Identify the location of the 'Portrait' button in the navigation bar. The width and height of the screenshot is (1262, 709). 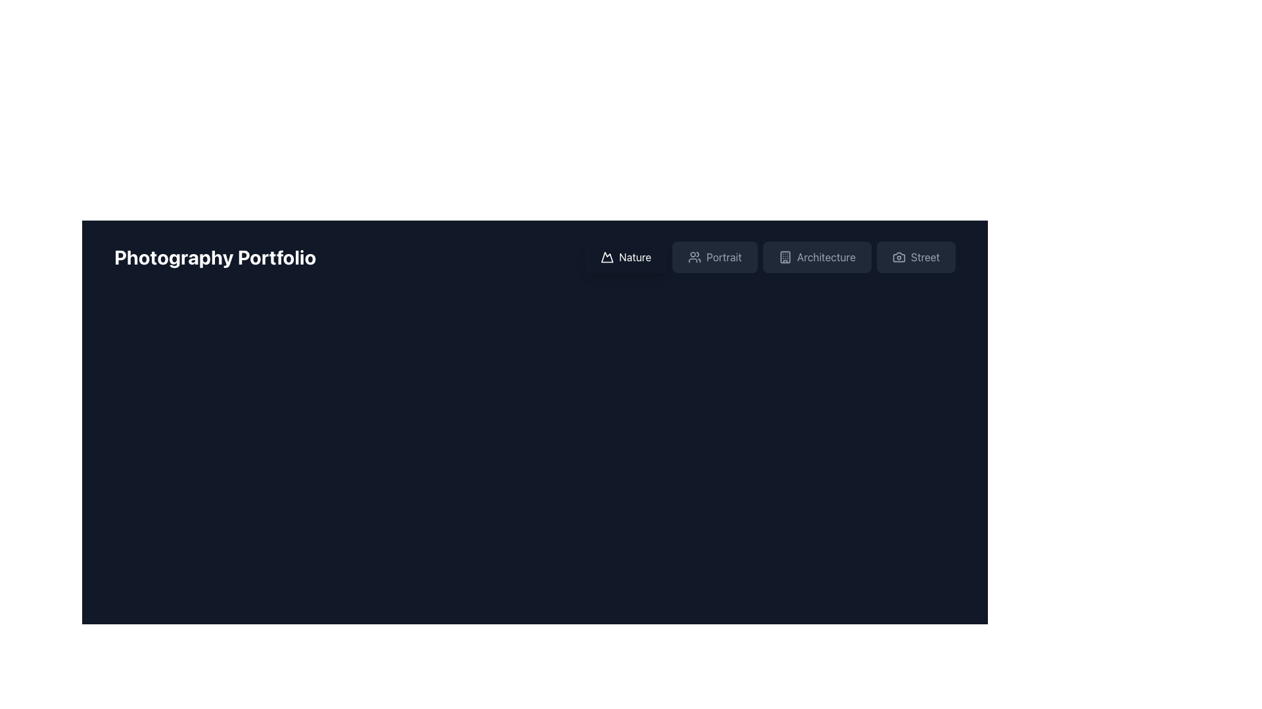
(714, 257).